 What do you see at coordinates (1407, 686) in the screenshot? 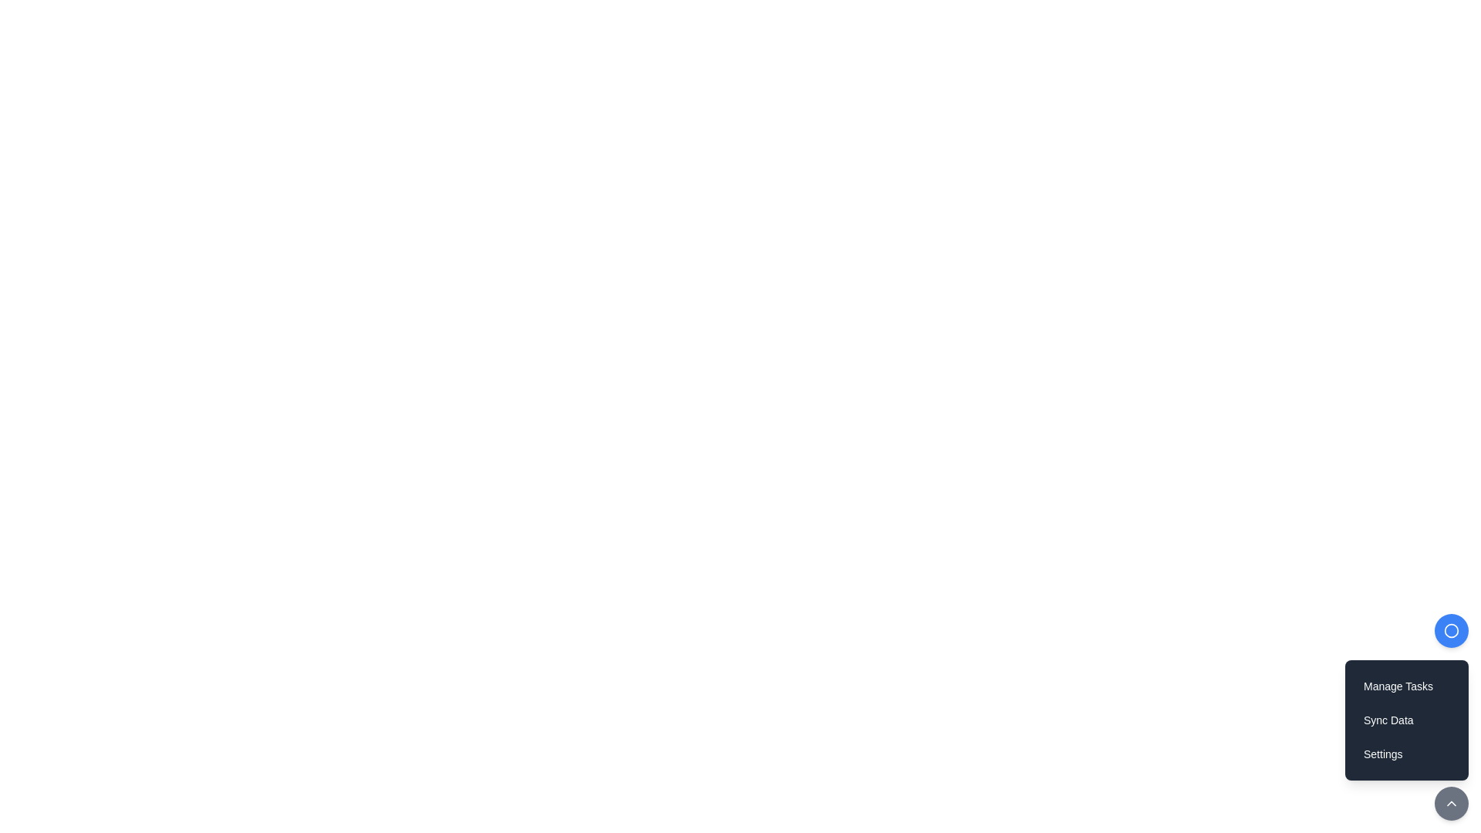
I see `the 'Manage Tasks' button, which is a text-based button with a dark background and rounded corners` at bounding box center [1407, 686].